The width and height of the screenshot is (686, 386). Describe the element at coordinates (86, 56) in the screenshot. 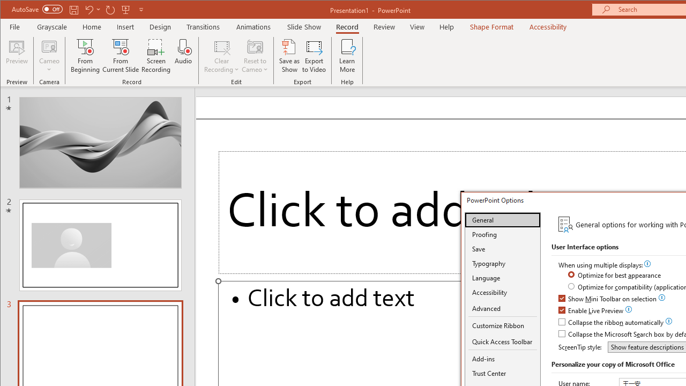

I see `'From Beginning...'` at that location.